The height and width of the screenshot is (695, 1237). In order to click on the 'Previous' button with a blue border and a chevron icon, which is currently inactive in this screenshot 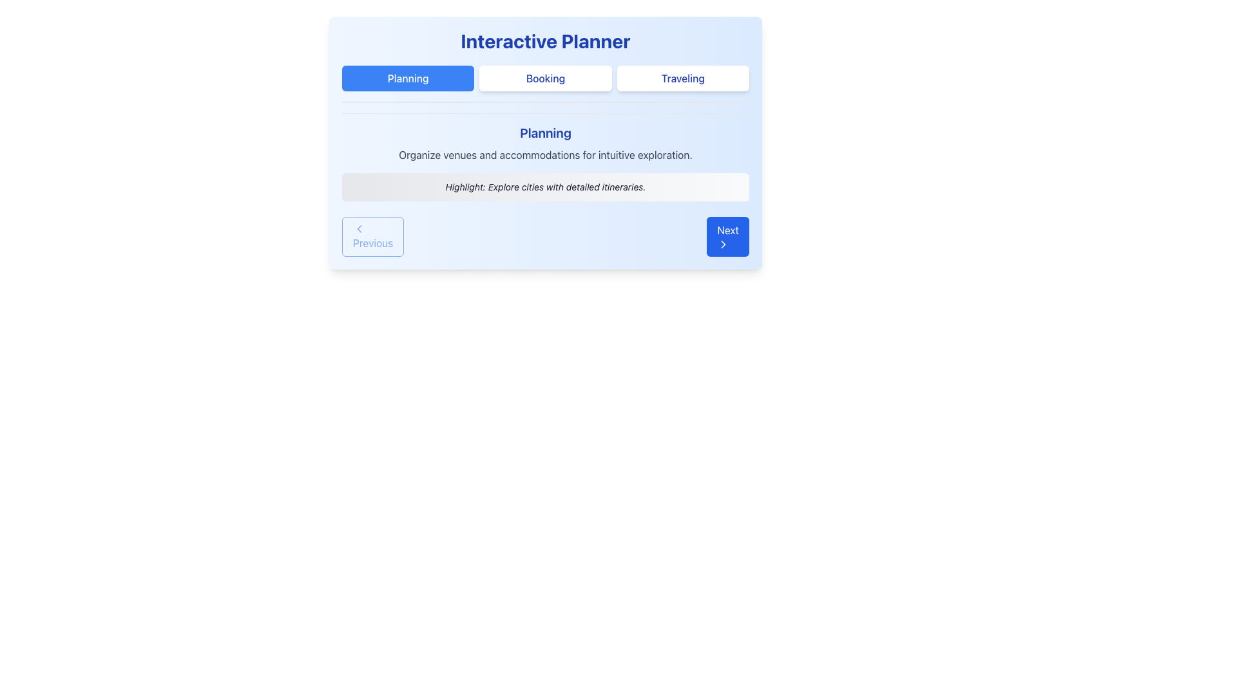, I will do `click(372, 236)`.